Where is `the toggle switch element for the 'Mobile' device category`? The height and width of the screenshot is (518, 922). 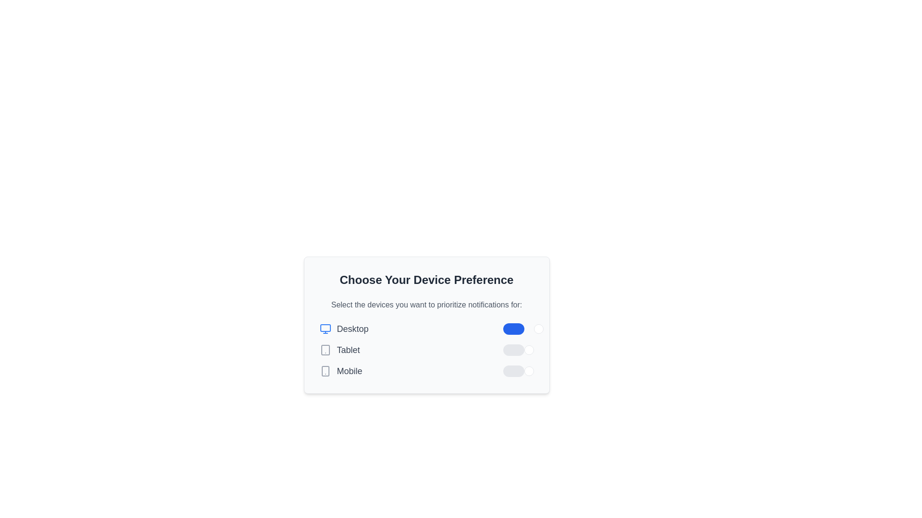
the toggle switch element for the 'Mobile' device category is located at coordinates (426, 371).